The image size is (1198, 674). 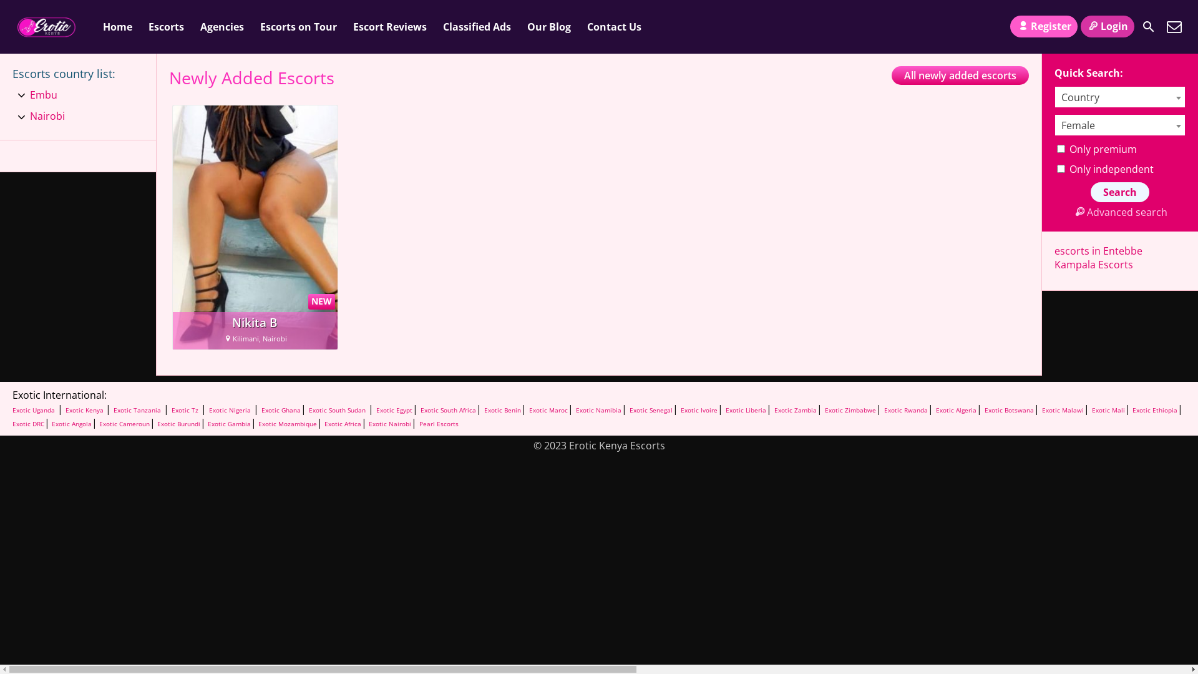 What do you see at coordinates (439, 422) in the screenshot?
I see `'Pearl Escorts'` at bounding box center [439, 422].